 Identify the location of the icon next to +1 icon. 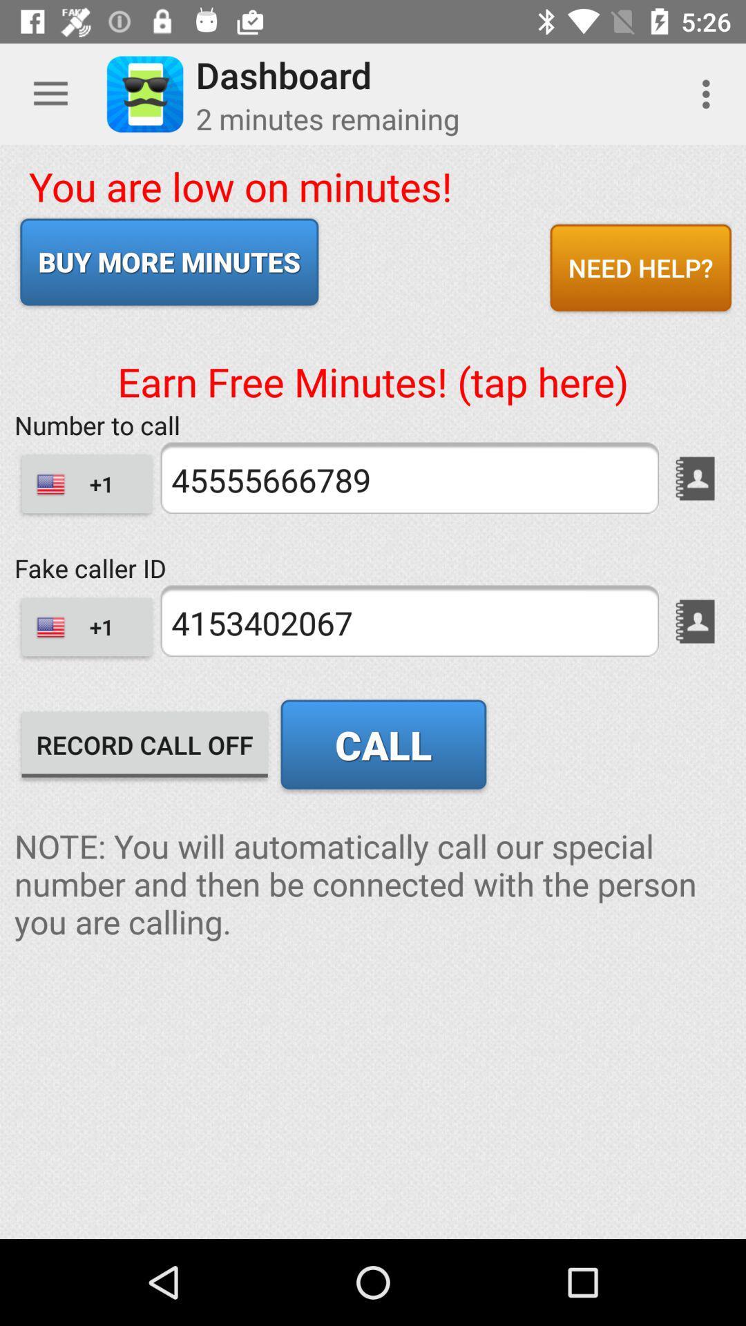
(408, 620).